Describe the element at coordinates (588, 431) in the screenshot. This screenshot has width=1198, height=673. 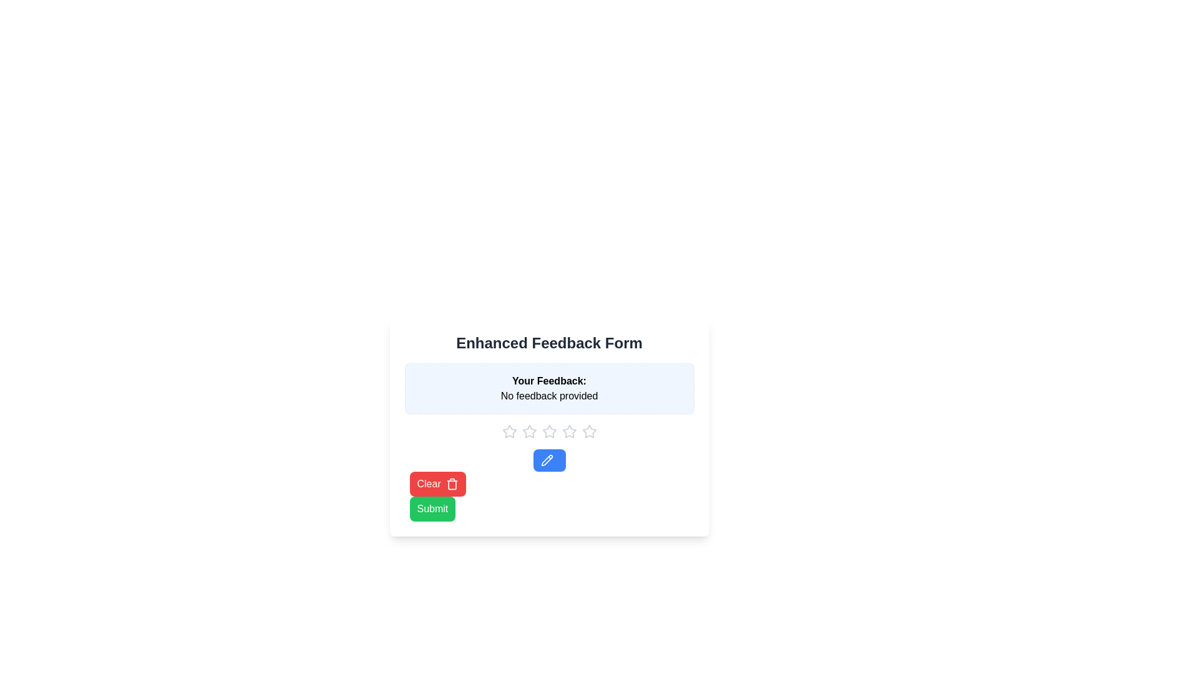
I see `the fifth and rightmost star icon in the rating system to indicate the highest rating` at that location.